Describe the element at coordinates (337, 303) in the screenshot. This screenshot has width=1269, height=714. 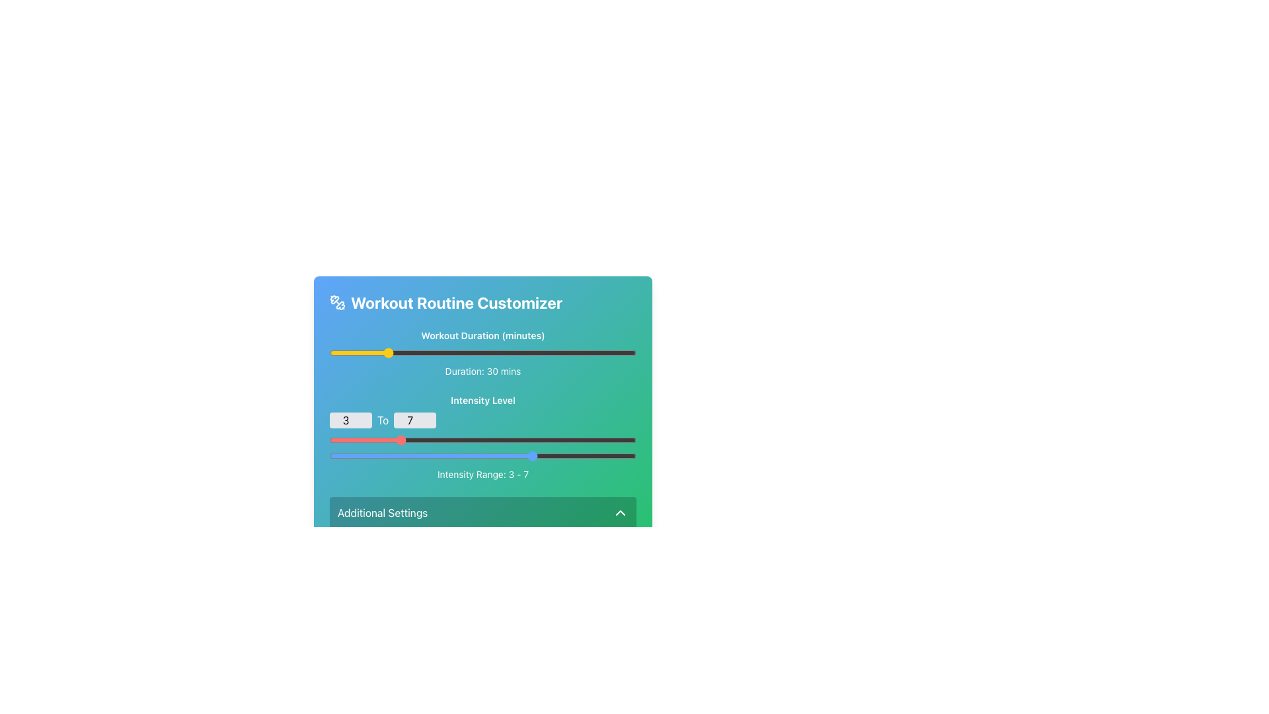
I see `the visual icon representing workouts located at the top-left corner of the 'Workout Routine Customizer' section` at that location.